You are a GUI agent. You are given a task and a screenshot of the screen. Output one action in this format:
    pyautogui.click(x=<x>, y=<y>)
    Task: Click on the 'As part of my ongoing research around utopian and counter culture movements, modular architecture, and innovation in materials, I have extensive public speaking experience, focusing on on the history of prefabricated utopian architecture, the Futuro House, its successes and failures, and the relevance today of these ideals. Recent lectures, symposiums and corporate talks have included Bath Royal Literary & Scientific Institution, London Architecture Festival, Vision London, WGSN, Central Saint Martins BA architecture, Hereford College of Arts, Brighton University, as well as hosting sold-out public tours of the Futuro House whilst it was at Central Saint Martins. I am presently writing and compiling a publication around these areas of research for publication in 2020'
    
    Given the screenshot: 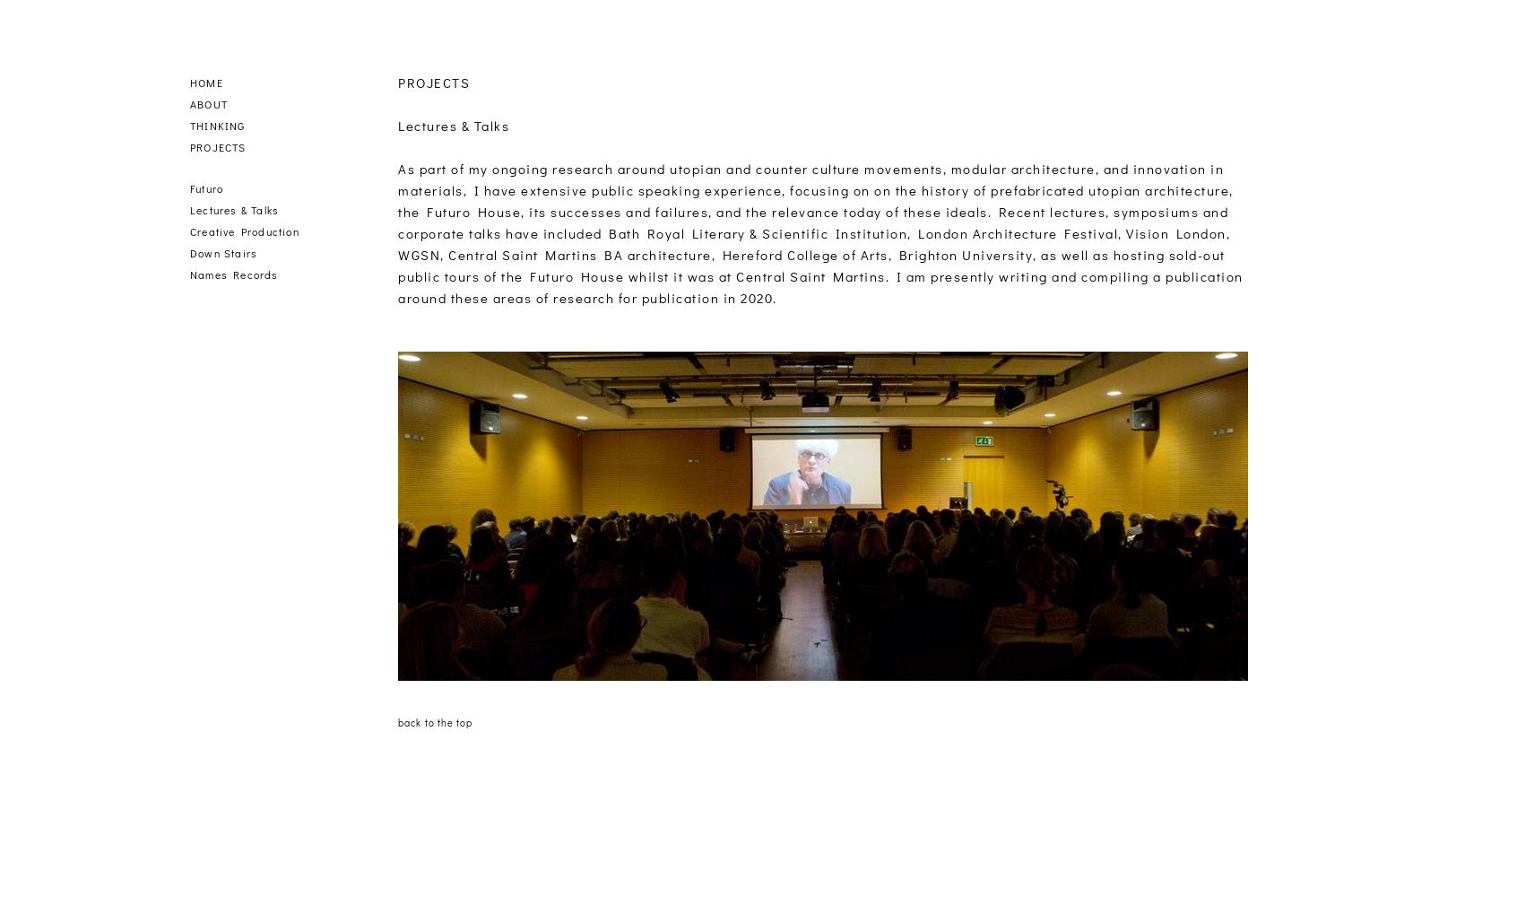 What is the action you would take?
    pyautogui.click(x=819, y=233)
    